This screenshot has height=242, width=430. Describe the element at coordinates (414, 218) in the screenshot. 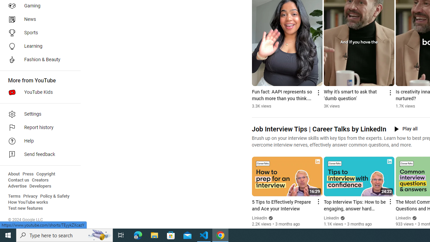

I see `'Verified'` at that location.